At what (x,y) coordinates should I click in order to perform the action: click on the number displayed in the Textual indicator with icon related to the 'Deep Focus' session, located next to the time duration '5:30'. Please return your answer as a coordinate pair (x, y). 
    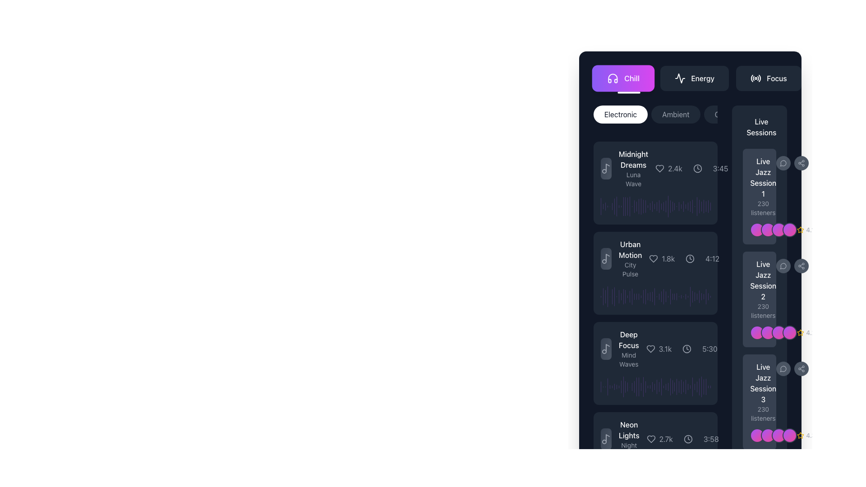
    Looking at the image, I should click on (659, 349).